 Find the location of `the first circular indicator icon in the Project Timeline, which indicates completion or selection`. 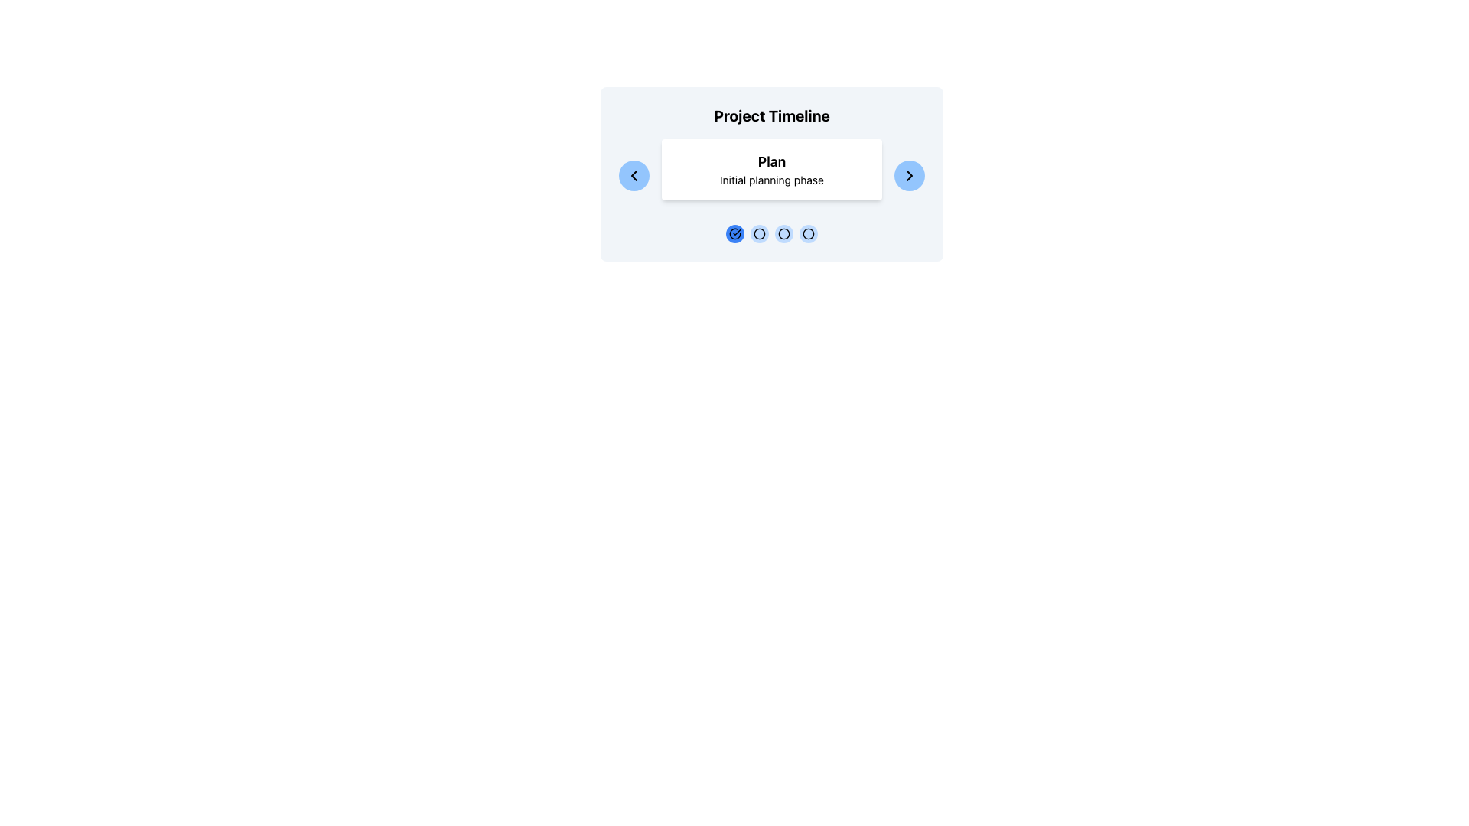

the first circular indicator icon in the Project Timeline, which indicates completion or selection is located at coordinates (734, 233).